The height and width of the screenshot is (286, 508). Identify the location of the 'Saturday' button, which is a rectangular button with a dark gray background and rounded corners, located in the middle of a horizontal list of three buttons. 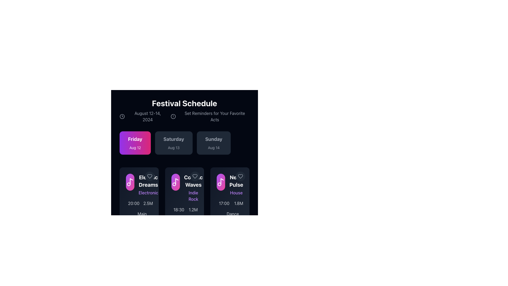
(174, 143).